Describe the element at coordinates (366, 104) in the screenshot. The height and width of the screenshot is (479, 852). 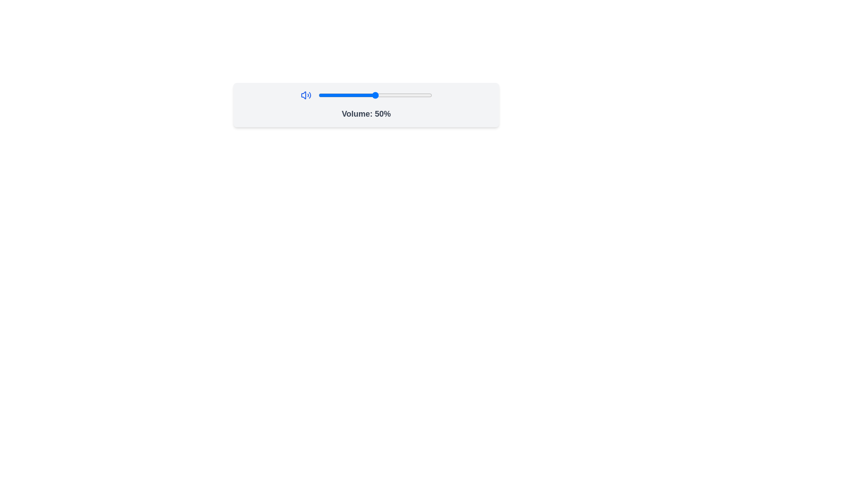
I see `the volume slider component with the label 'Volume: 50%'` at that location.